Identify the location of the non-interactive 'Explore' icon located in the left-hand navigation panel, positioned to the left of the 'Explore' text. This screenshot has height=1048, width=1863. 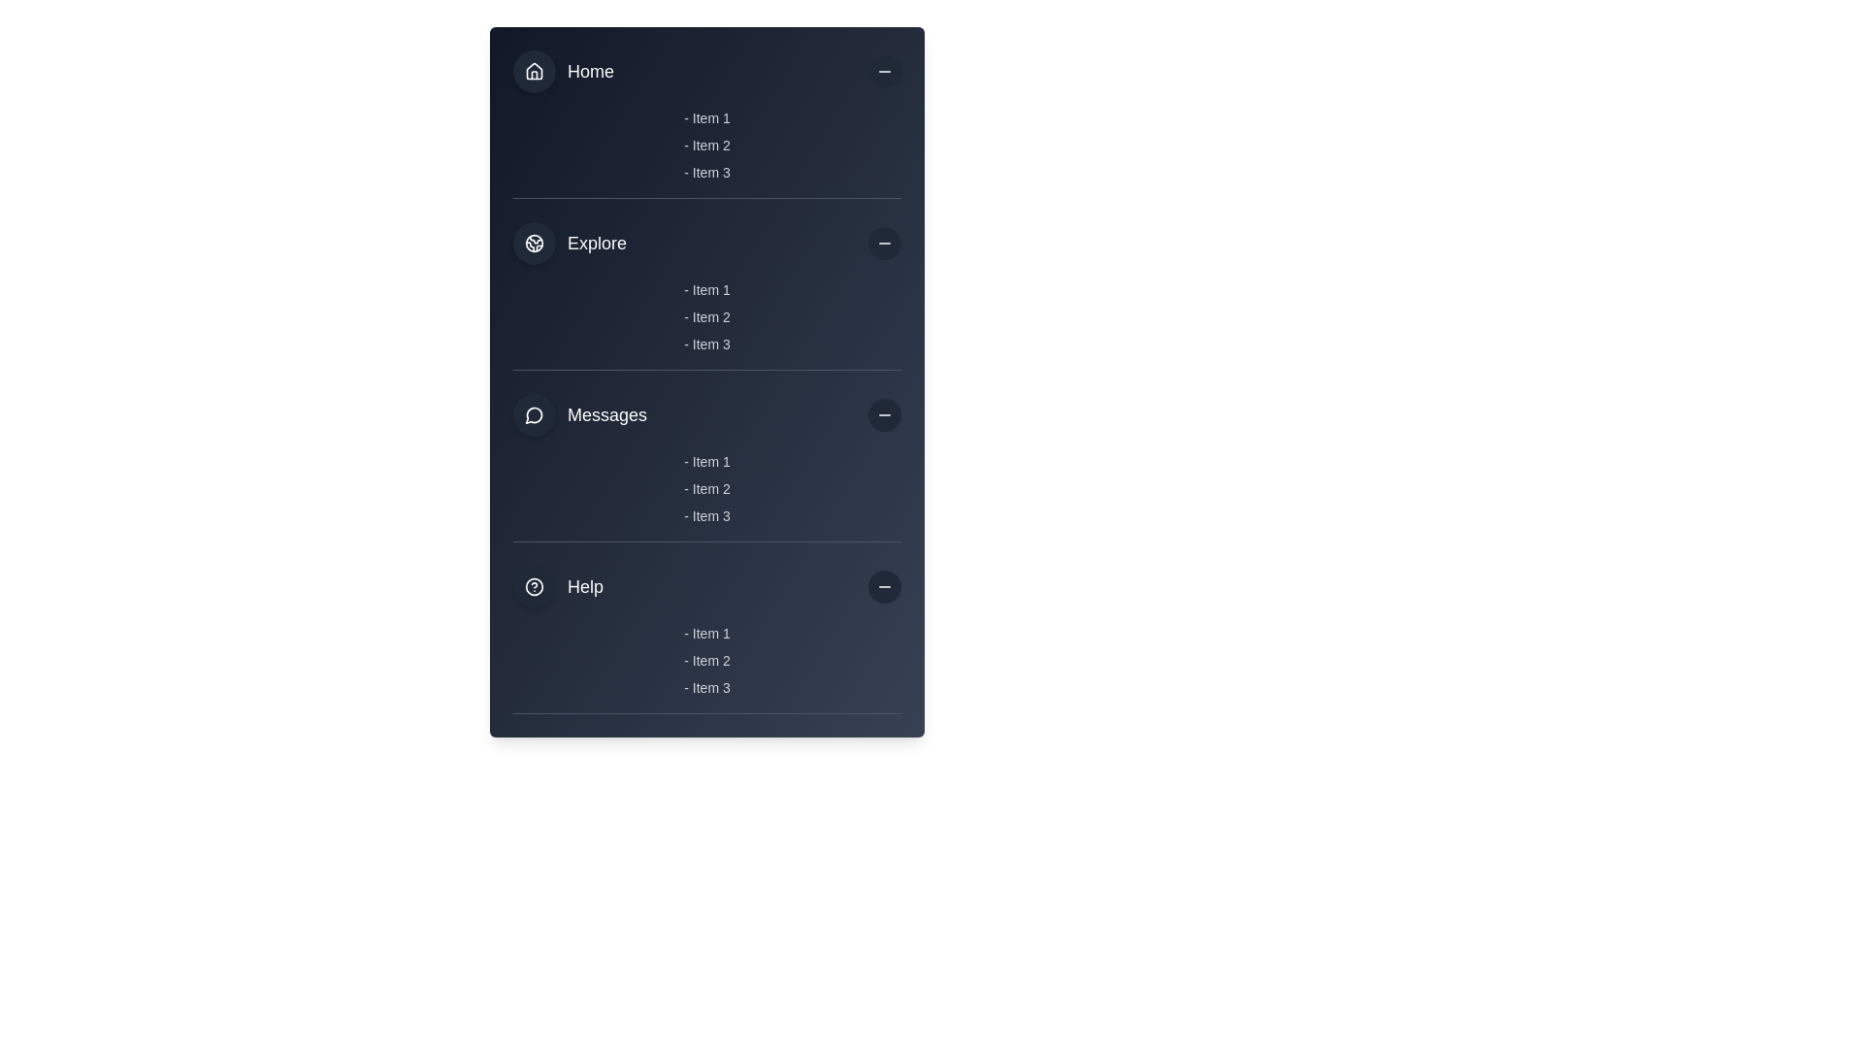
(535, 242).